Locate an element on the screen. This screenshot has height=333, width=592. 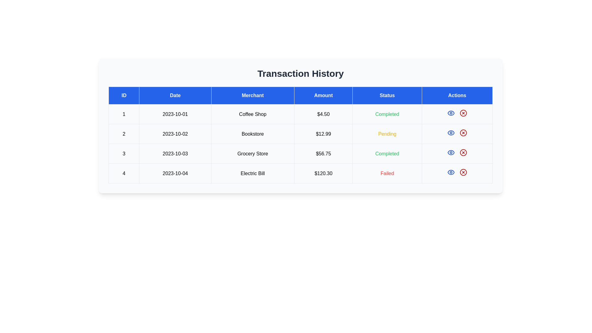
the view details icon for the transaction with ID 1 is located at coordinates (451, 113).